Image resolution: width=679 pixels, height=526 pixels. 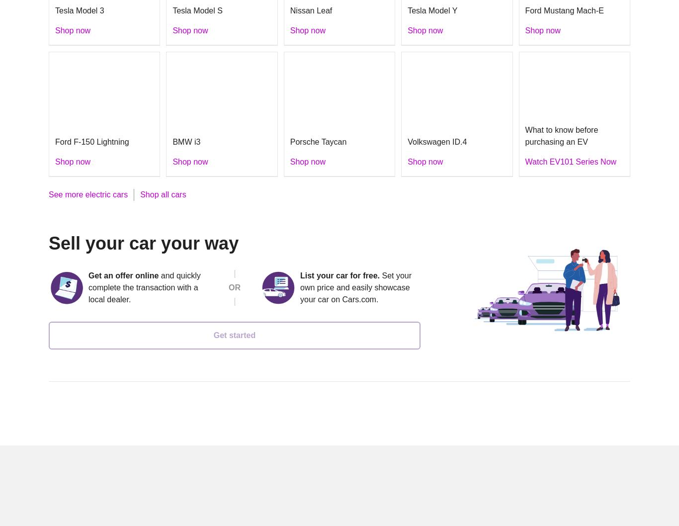 What do you see at coordinates (310, 10) in the screenshot?
I see `'Nissan Leaf'` at bounding box center [310, 10].